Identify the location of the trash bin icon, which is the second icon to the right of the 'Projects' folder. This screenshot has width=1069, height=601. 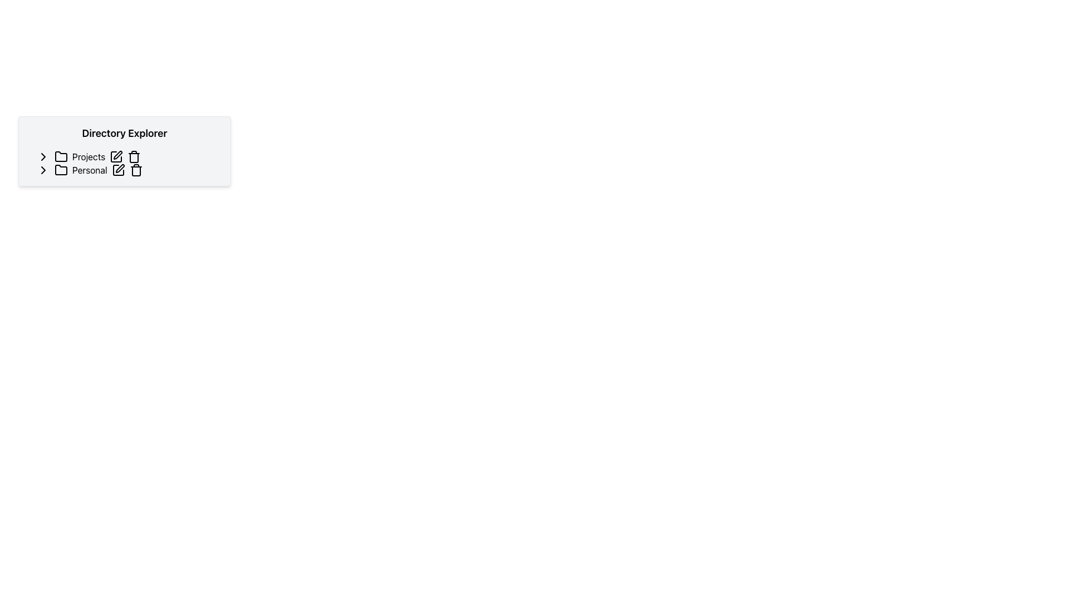
(134, 156).